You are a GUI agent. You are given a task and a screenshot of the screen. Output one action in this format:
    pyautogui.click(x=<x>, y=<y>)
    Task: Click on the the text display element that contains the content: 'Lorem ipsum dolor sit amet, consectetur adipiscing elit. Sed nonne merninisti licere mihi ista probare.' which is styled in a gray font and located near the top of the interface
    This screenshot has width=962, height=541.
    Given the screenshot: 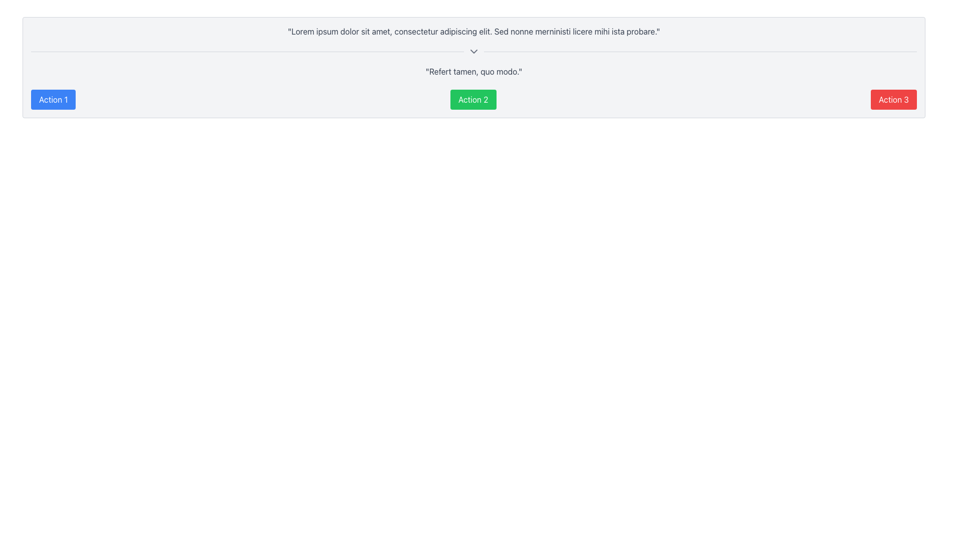 What is the action you would take?
    pyautogui.click(x=473, y=31)
    